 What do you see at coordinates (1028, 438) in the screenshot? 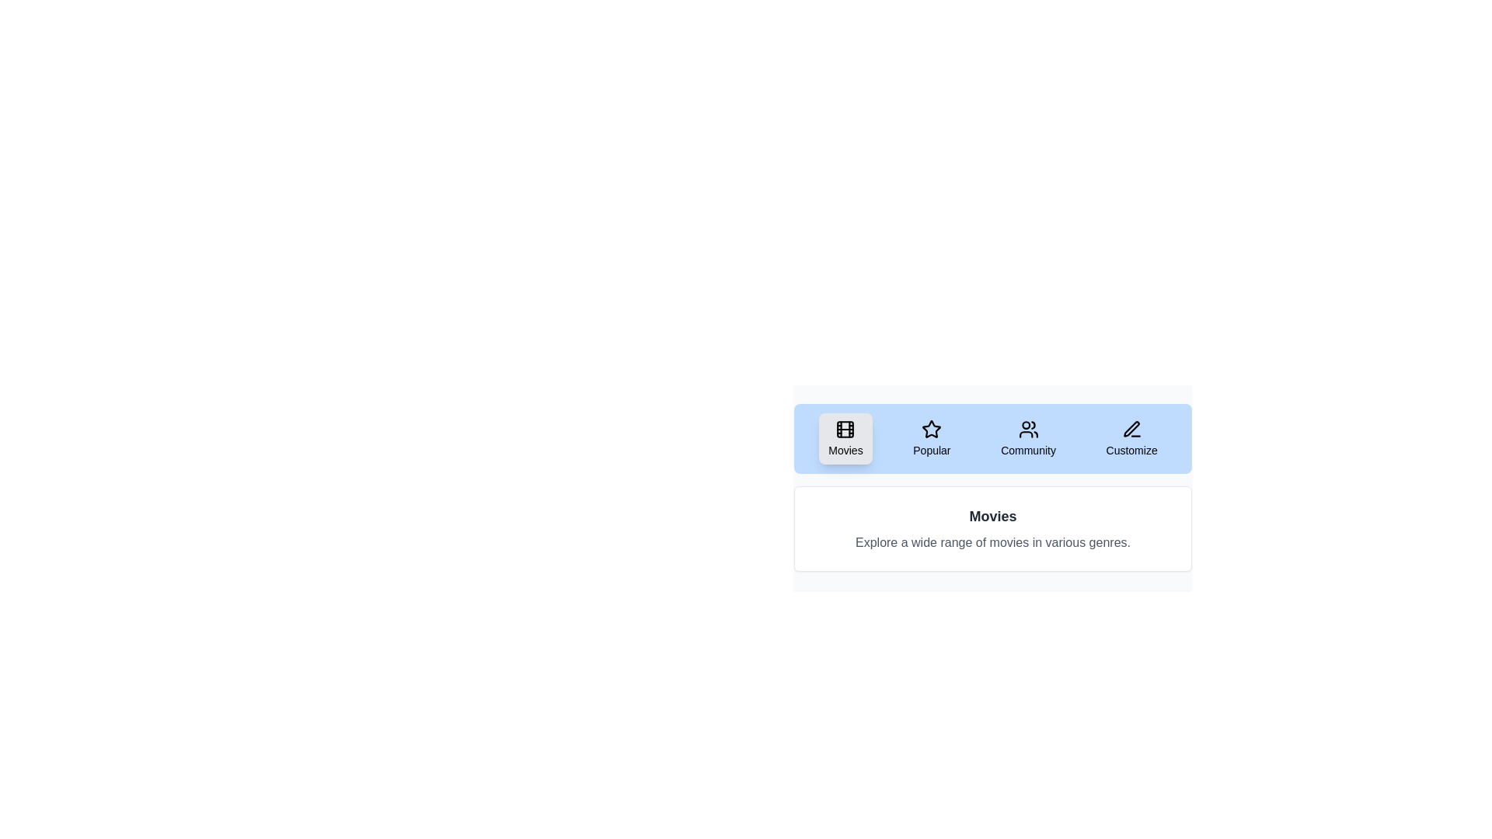
I see `the tab labeled Community to switch the displayed content` at bounding box center [1028, 438].